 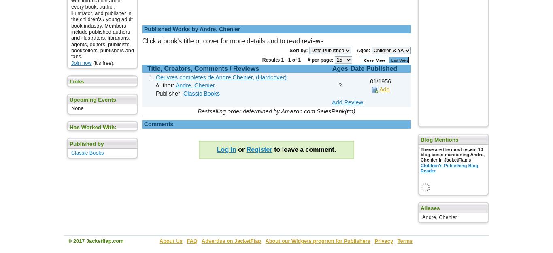 What do you see at coordinates (380, 81) in the screenshot?
I see `'01/1956'` at bounding box center [380, 81].